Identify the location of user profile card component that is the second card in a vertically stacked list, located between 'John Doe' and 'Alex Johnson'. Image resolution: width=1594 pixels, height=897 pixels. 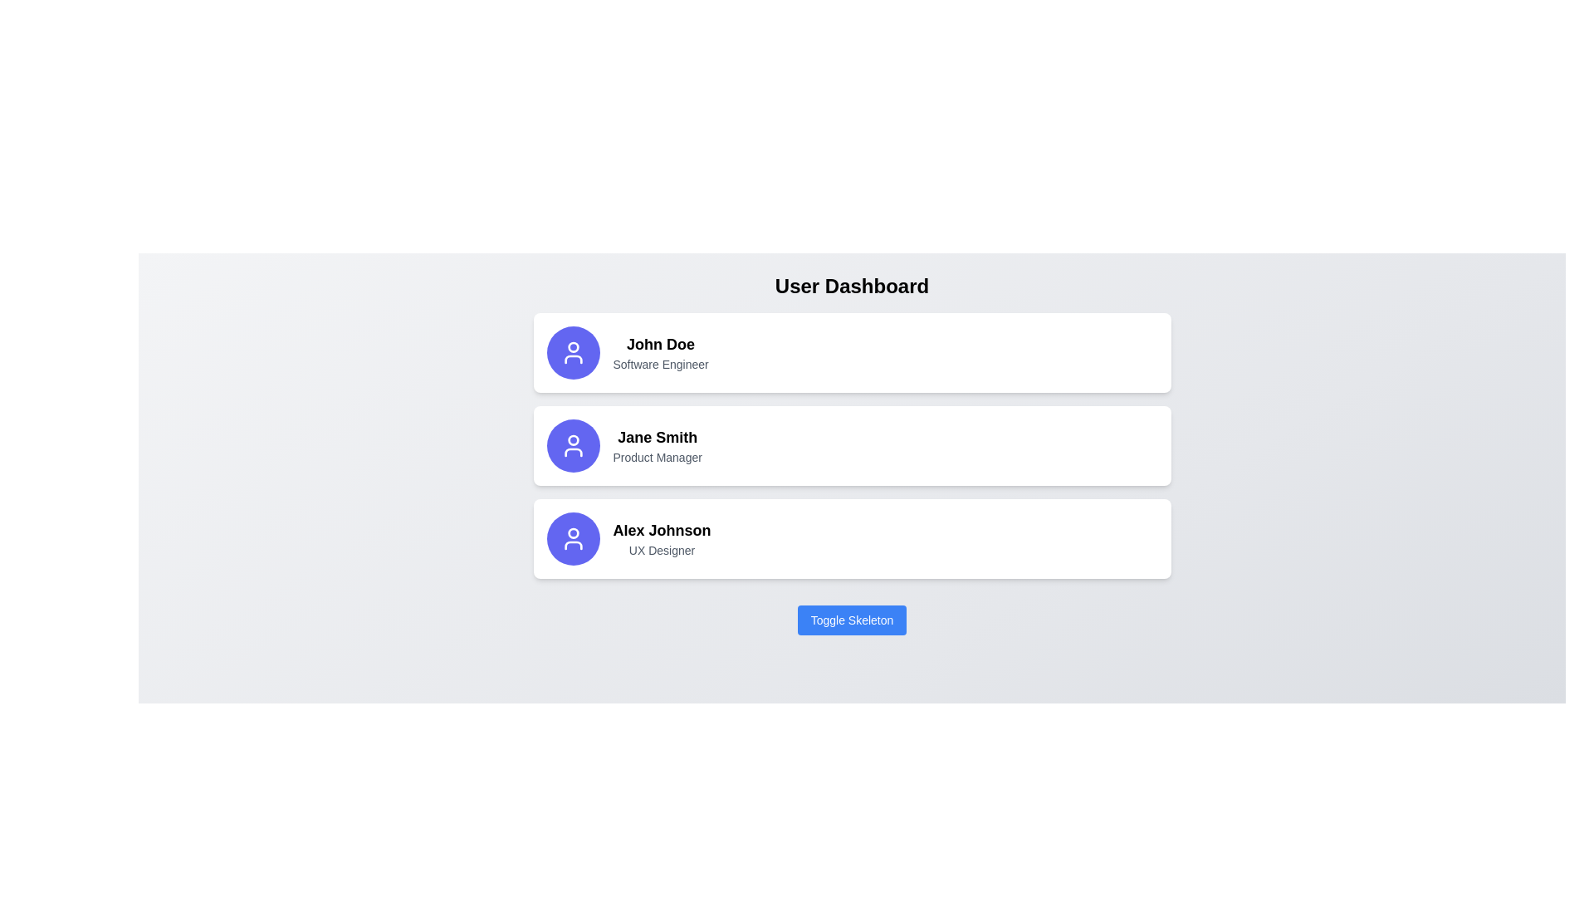
(852, 444).